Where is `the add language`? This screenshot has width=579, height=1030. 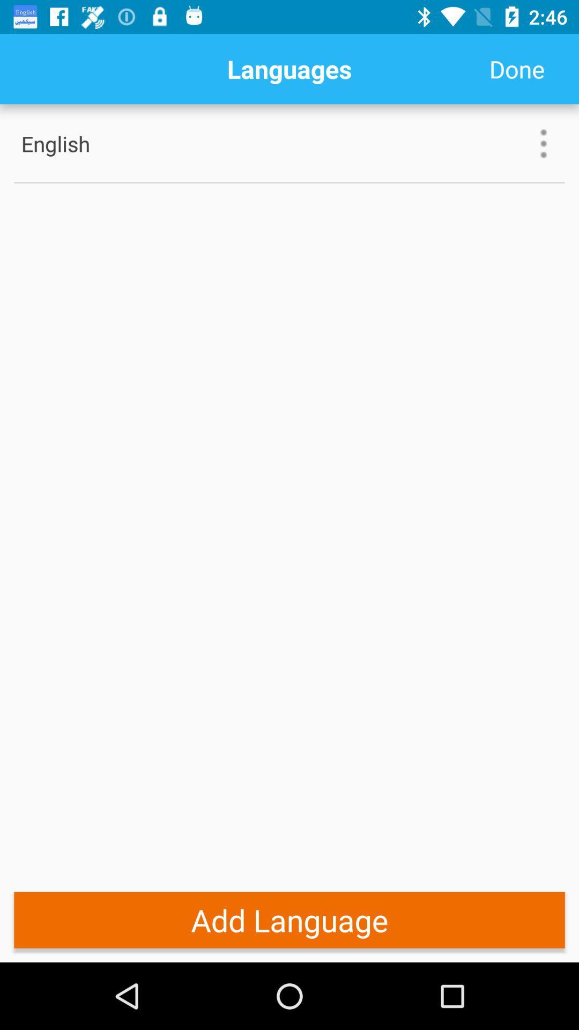
the add language is located at coordinates (289, 919).